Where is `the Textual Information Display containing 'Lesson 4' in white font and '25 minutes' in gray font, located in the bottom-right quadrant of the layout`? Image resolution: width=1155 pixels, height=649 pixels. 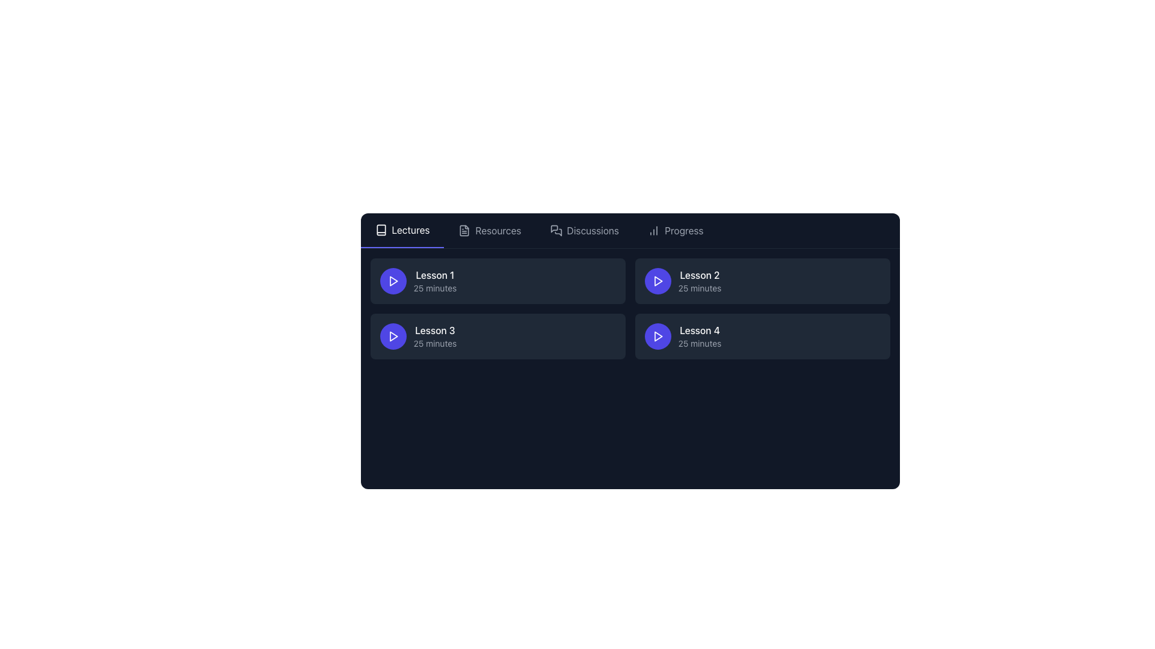
the Textual Information Display containing 'Lesson 4' in white font and '25 minutes' in gray font, located in the bottom-right quadrant of the layout is located at coordinates (700, 336).